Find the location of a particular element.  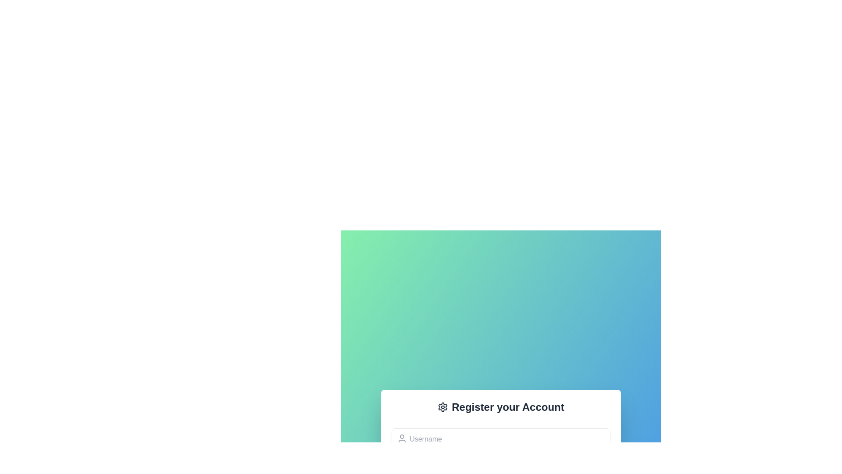

text of the header element that indicates the purpose of the registration form, positioned at the top of the rounded card is located at coordinates (501, 407).